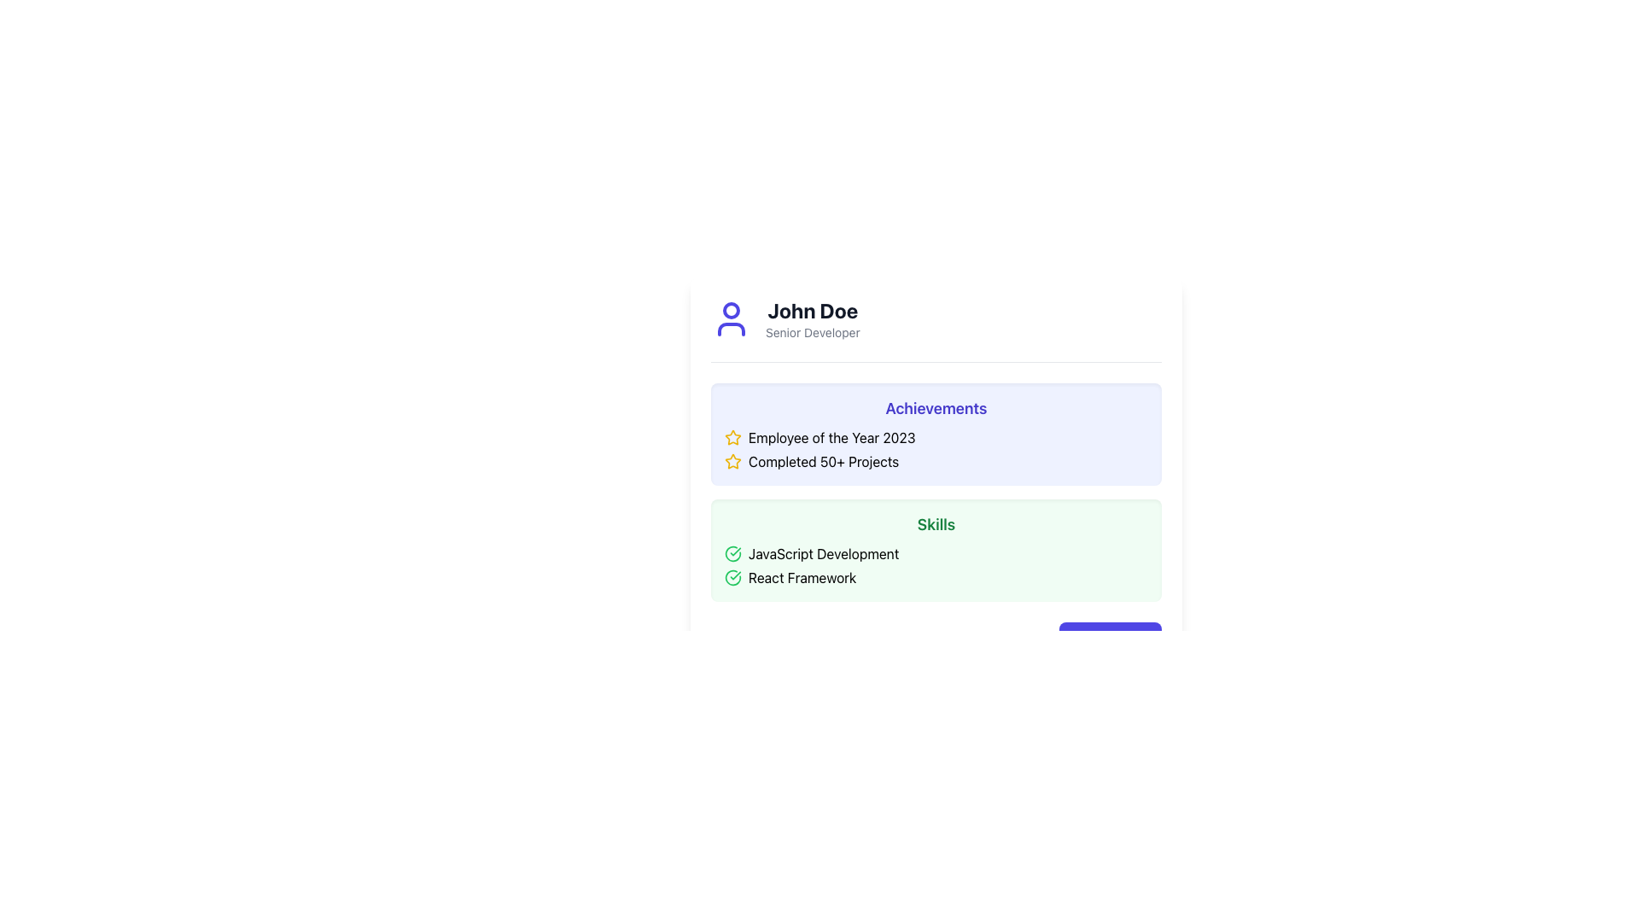 The image size is (1639, 922). Describe the element at coordinates (732, 310) in the screenshot. I see `the Decorative SVG Circle Element located at the top-left part of the profile picture area, which is styled with a small radius and a simple outline` at that location.